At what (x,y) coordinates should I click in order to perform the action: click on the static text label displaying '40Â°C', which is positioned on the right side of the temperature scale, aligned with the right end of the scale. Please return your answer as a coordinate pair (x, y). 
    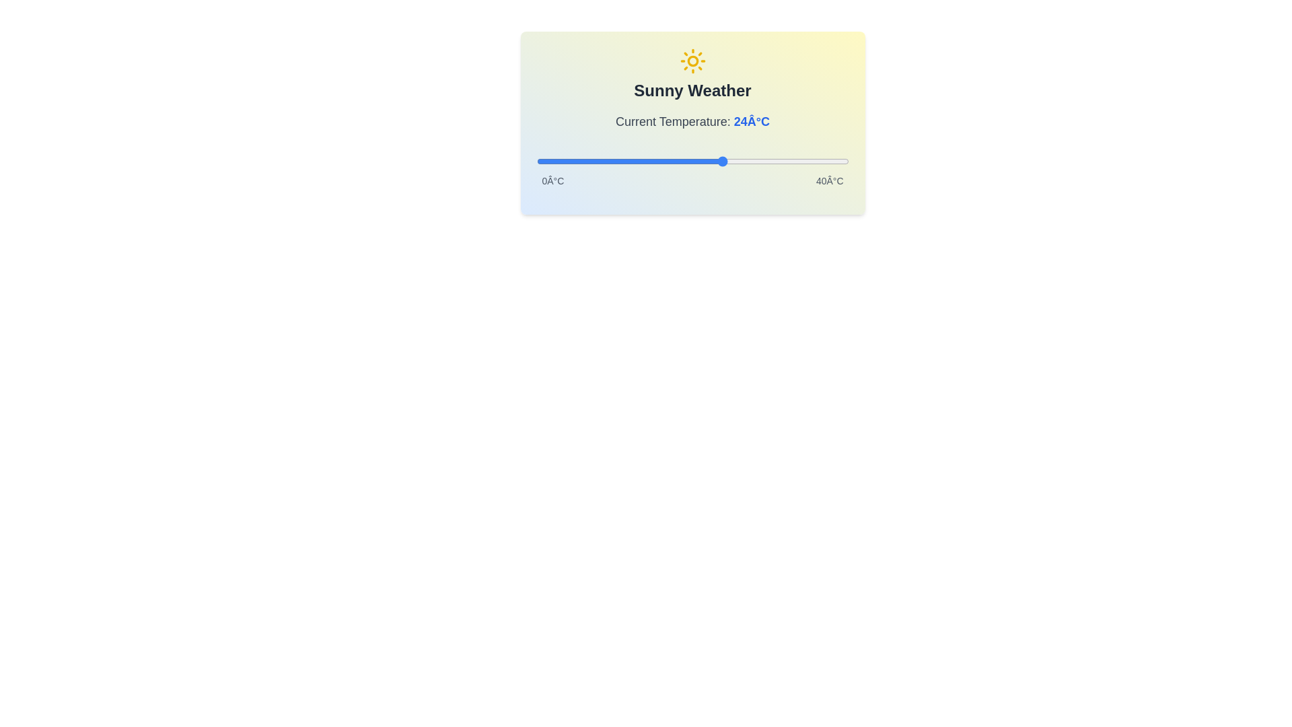
    Looking at the image, I should click on (829, 180).